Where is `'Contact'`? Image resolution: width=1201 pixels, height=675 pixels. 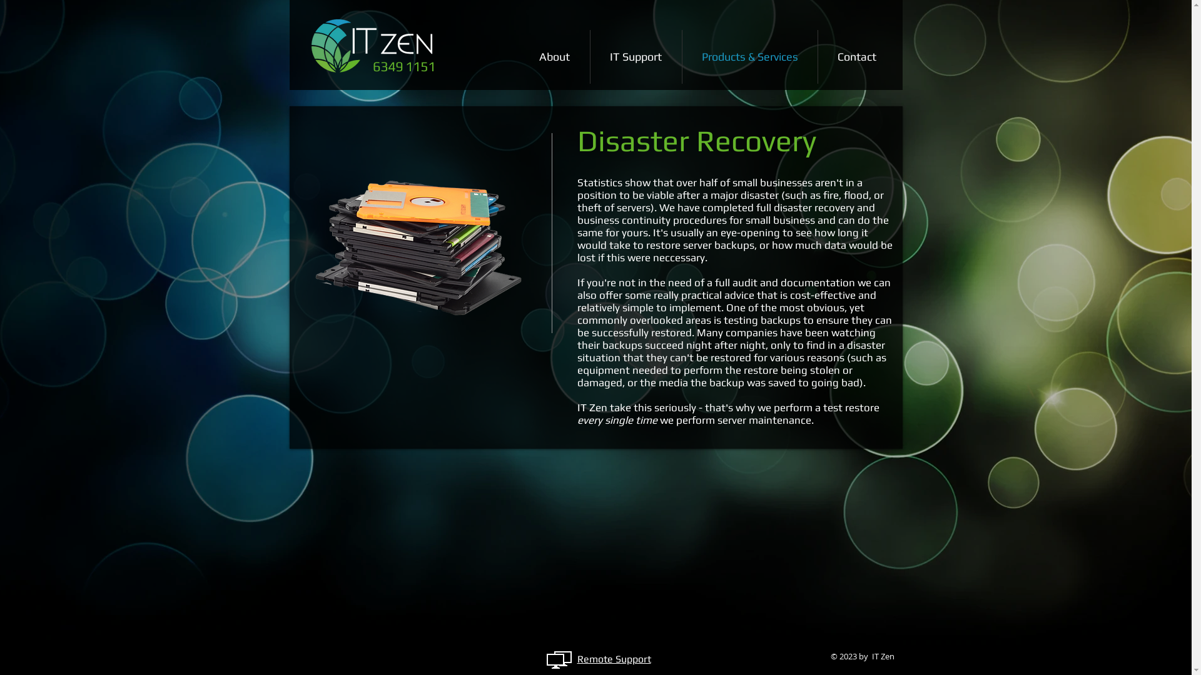 'Contact' is located at coordinates (856, 57).